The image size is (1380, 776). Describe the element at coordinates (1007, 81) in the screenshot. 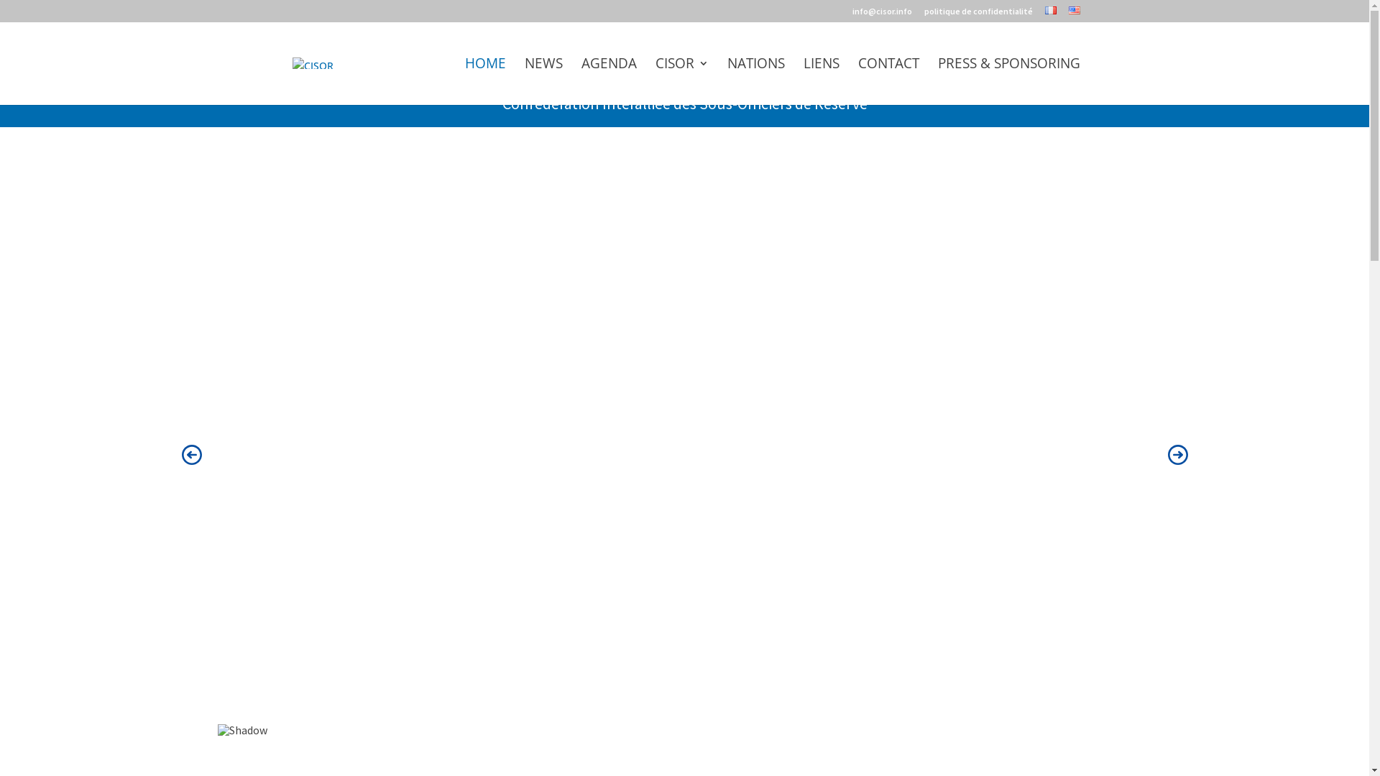

I see `'PRESS & SPONSORING'` at that location.